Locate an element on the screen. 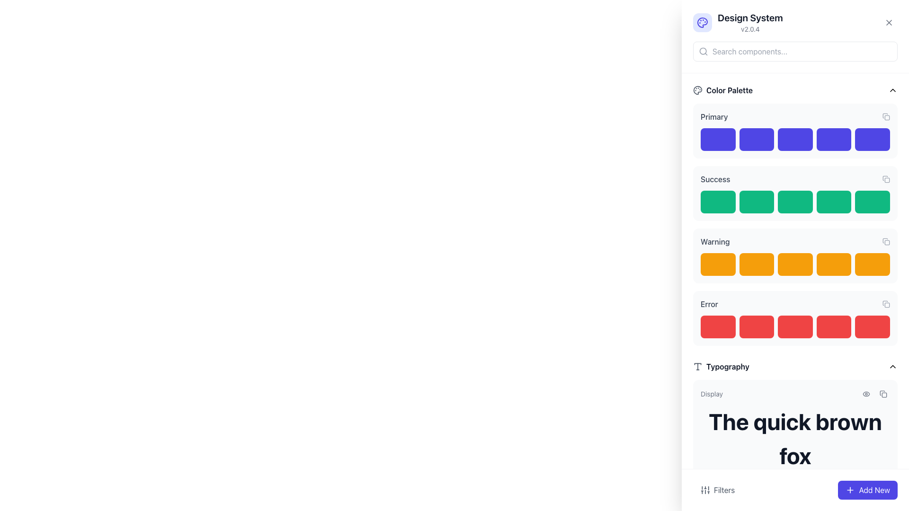 The image size is (909, 511). the blue color swatch in the 'Primary' color palette, which is the second element from the left is located at coordinates (756, 139).